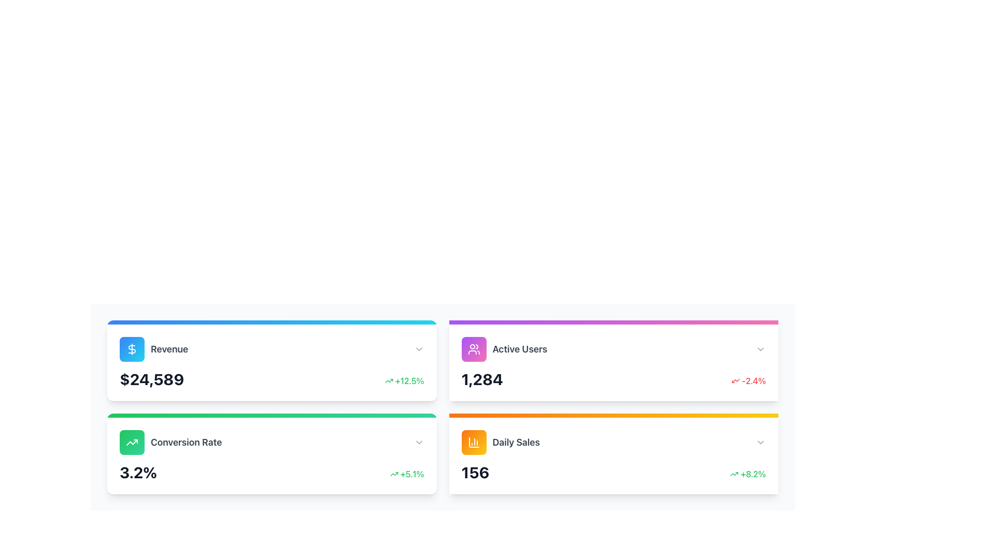 The image size is (995, 559). Describe the element at coordinates (138, 473) in the screenshot. I see `the text display element showing '3.2%' which is positioned in the bottom-left card of the dashboard view, adjacent to the label 'Conversion Rate'` at that location.